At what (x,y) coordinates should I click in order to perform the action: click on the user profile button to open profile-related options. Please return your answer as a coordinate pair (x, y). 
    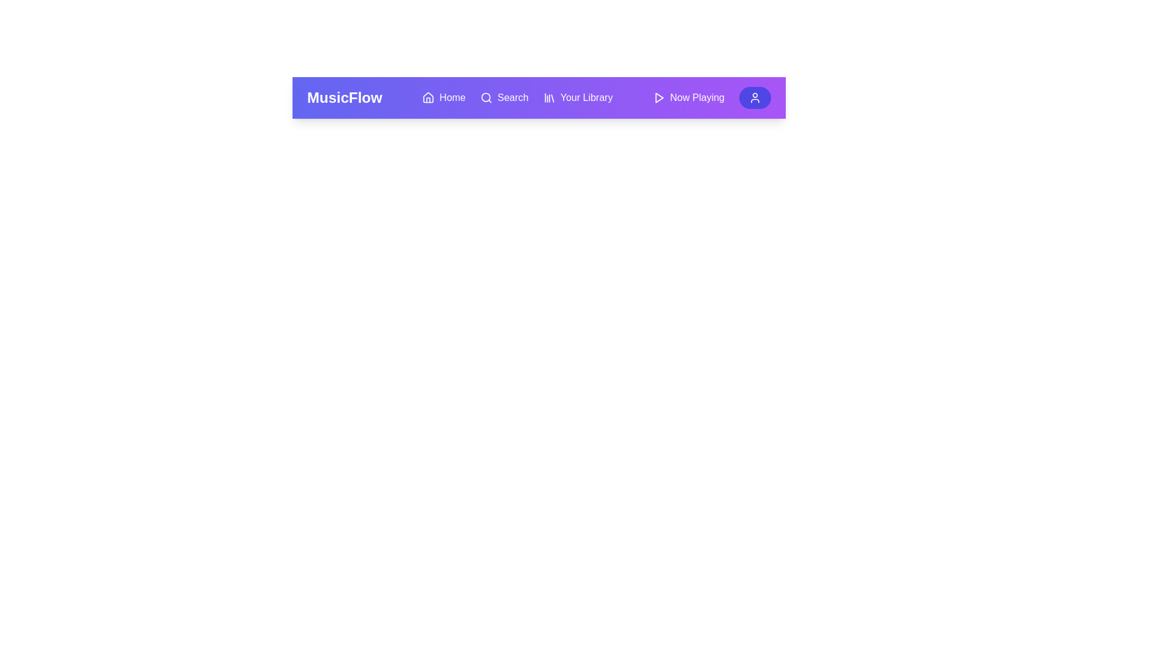
    Looking at the image, I should click on (754, 97).